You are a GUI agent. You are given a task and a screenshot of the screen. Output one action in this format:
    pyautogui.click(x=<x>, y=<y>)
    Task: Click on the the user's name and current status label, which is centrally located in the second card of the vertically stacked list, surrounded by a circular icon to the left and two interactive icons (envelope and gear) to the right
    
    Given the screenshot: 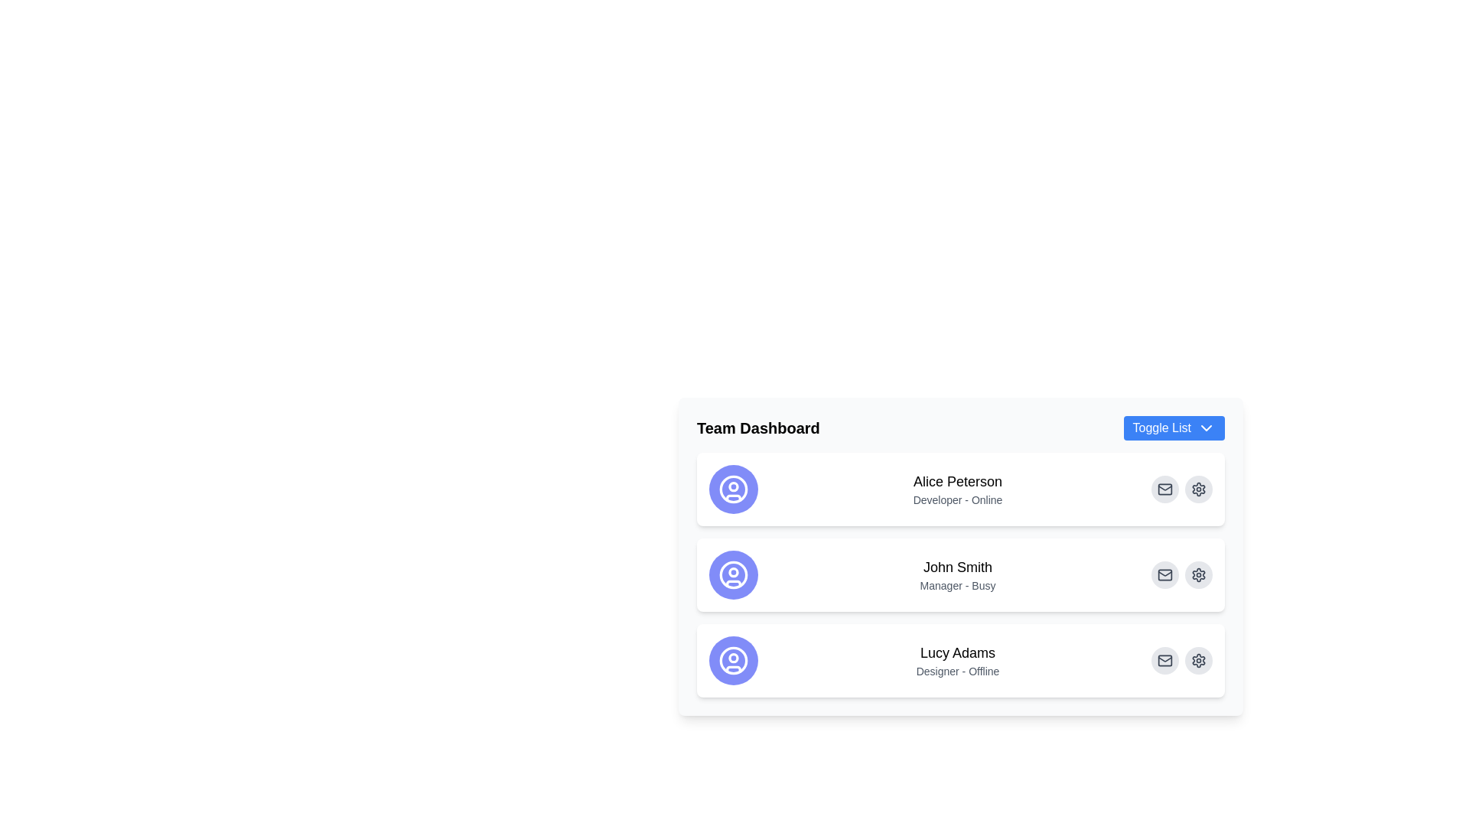 What is the action you would take?
    pyautogui.click(x=957, y=575)
    